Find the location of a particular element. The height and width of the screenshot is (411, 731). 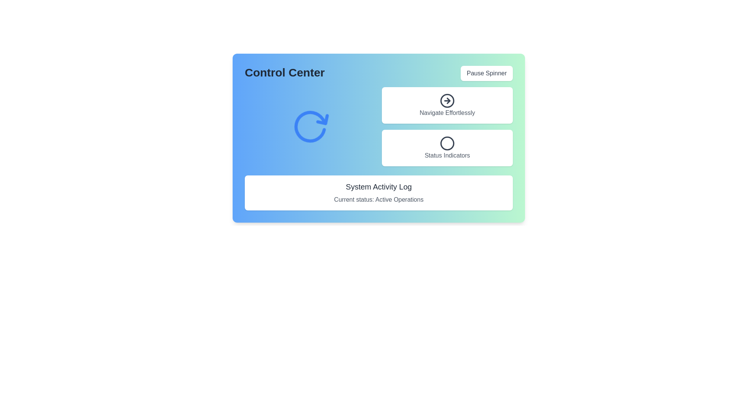

the static label or text located within a white, shadowed, rounded box in the lower-middle section of the interface, which is underneath a circular icon is located at coordinates (447, 155).